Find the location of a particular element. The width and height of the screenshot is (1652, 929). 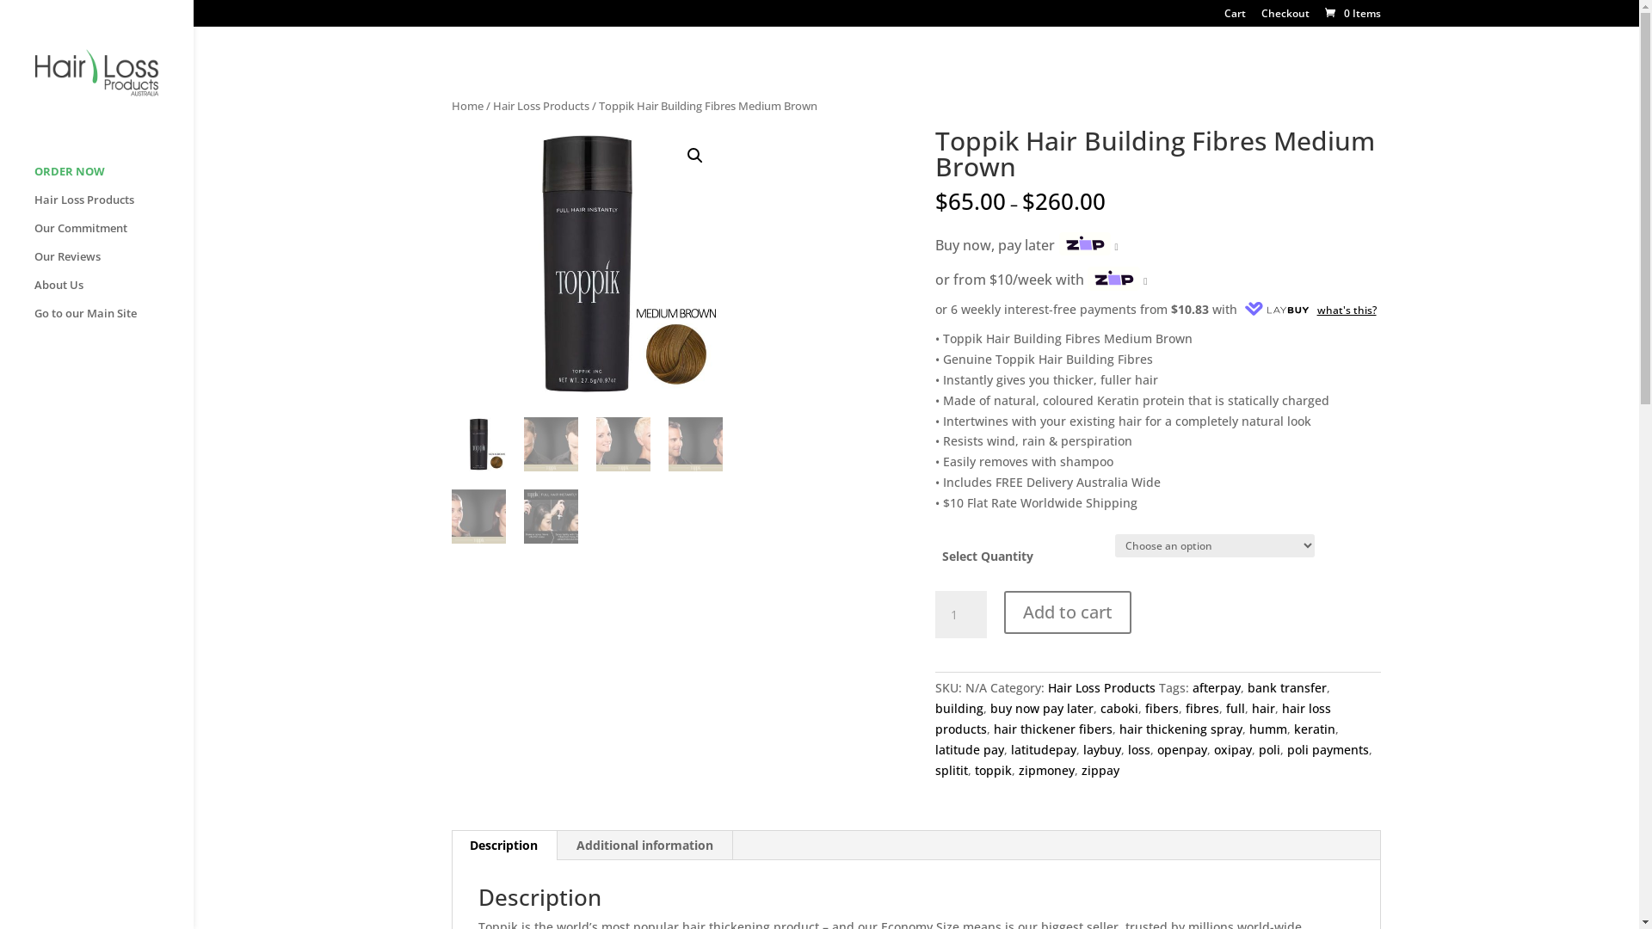

'Additional information' is located at coordinates (644, 845).